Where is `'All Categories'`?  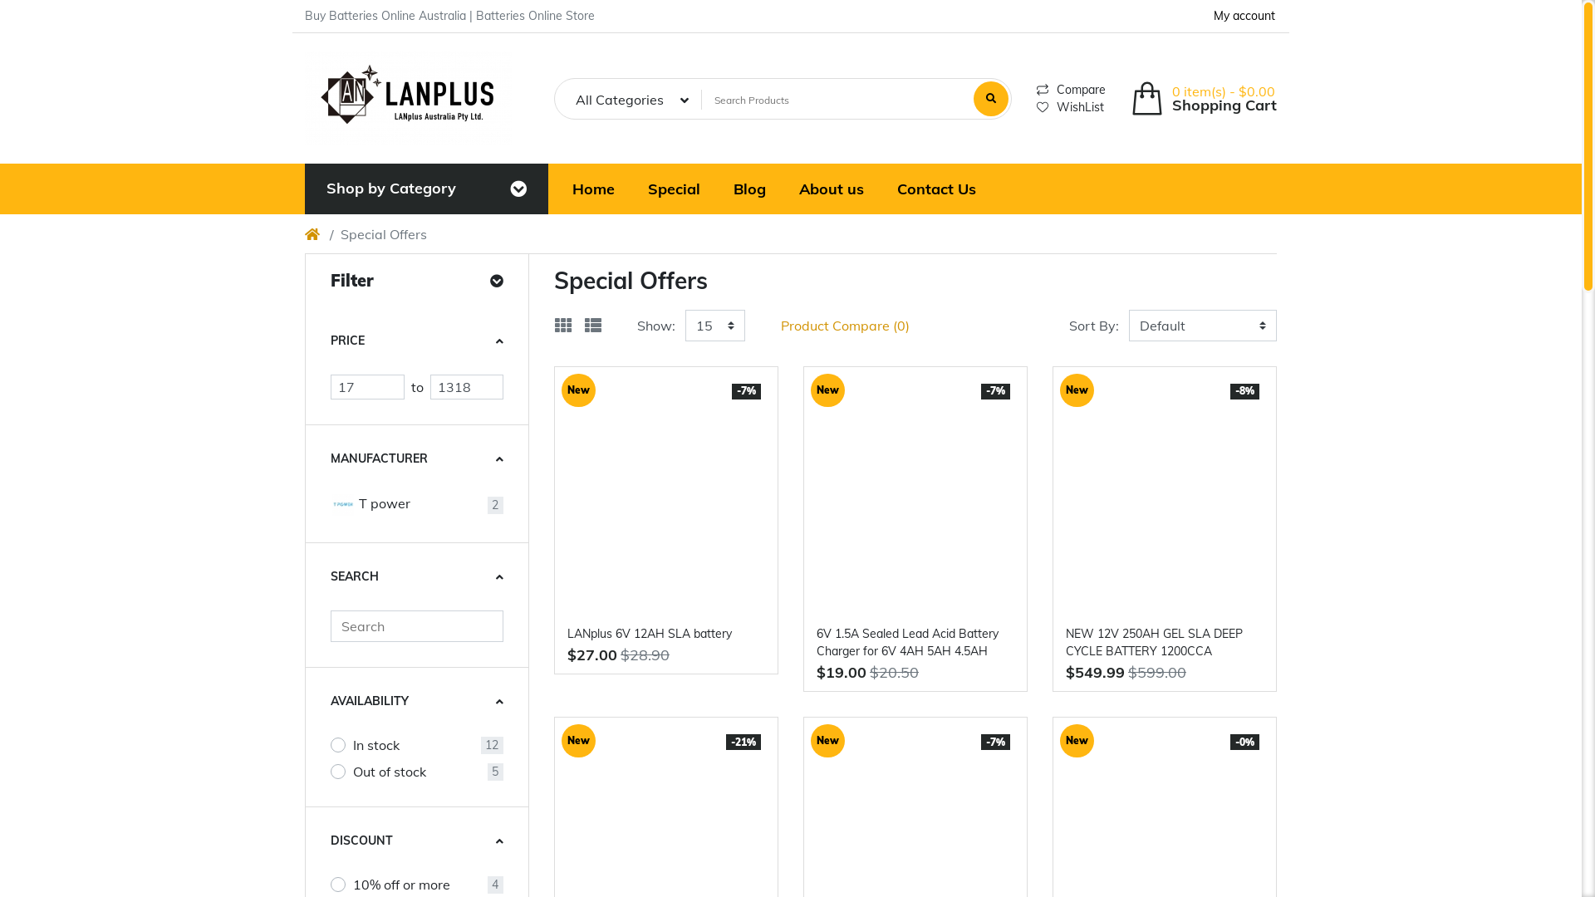
'All Categories' is located at coordinates (631, 99).